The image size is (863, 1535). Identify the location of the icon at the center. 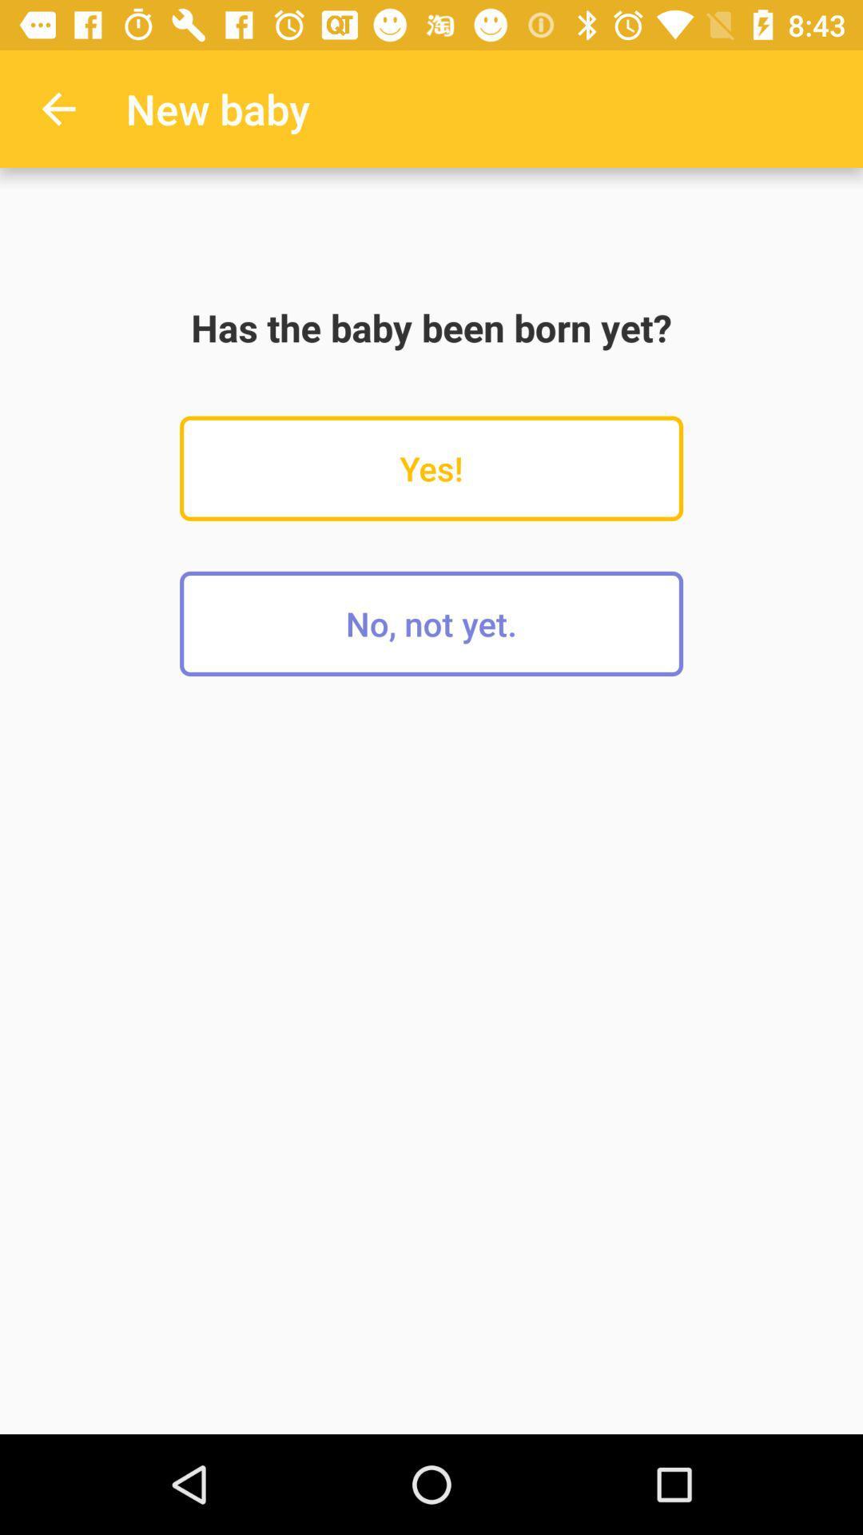
(431, 623).